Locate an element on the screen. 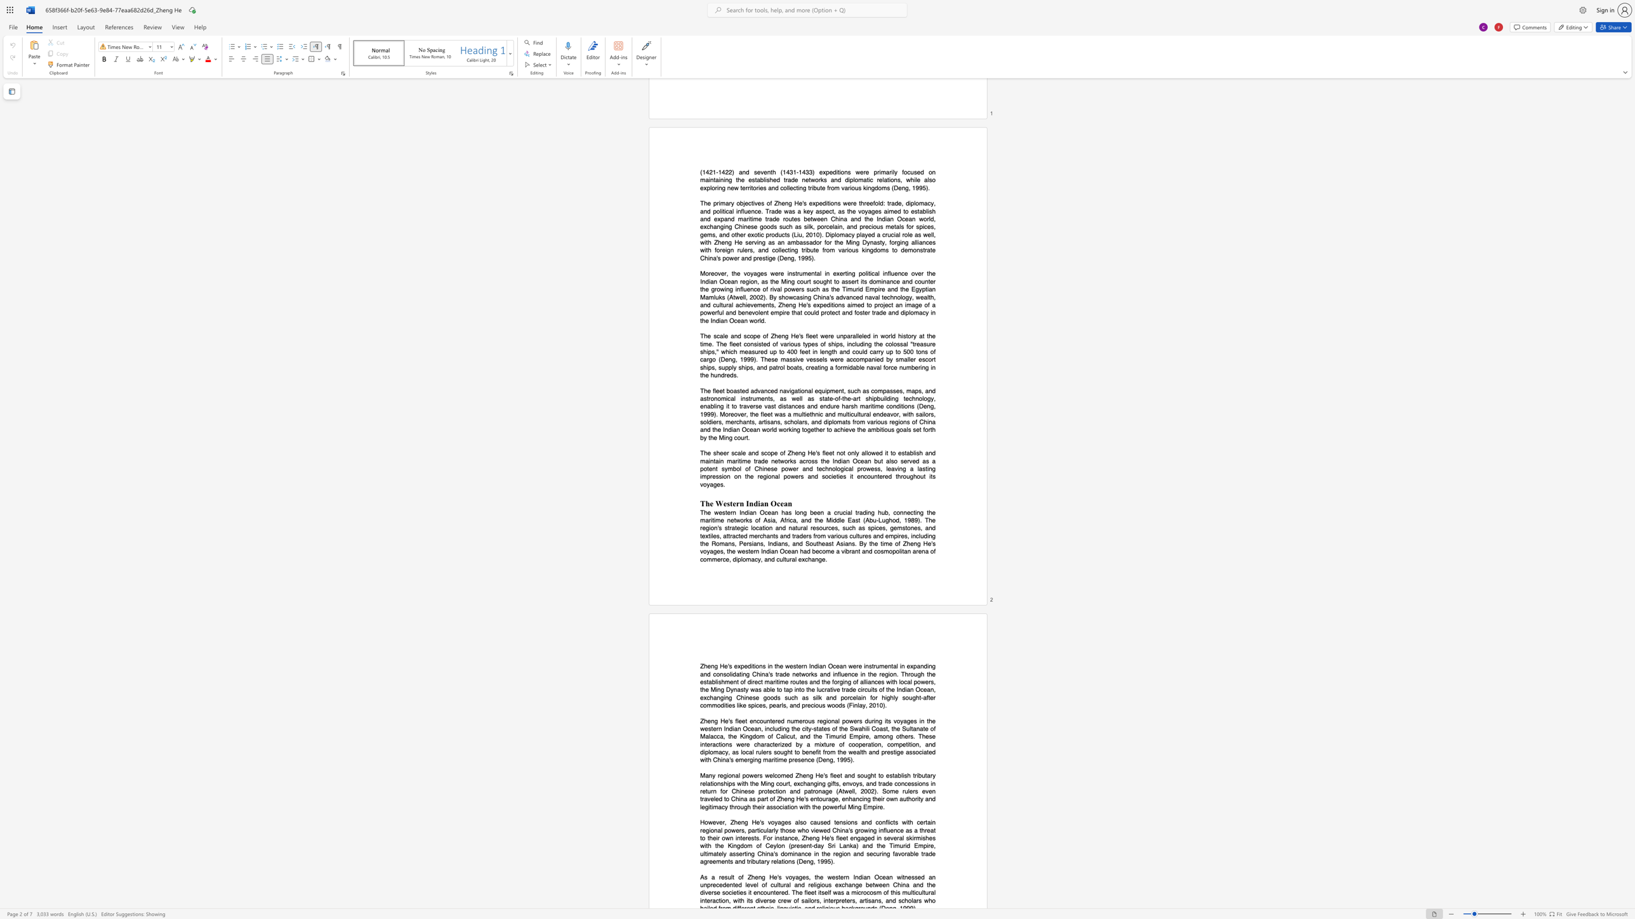  the space between the continuous character "i" and "o" in the text is located at coordinates (822, 885).